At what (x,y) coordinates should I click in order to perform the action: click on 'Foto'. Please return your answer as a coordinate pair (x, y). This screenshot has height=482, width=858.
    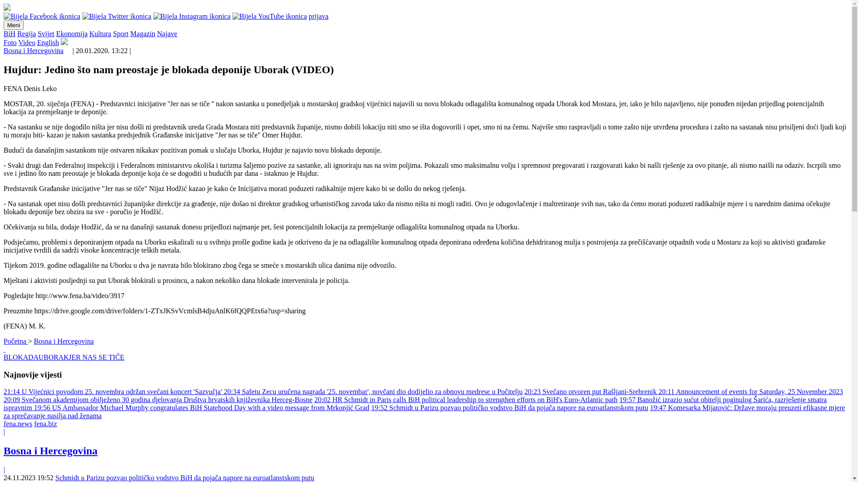
    Looking at the image, I should click on (4, 42).